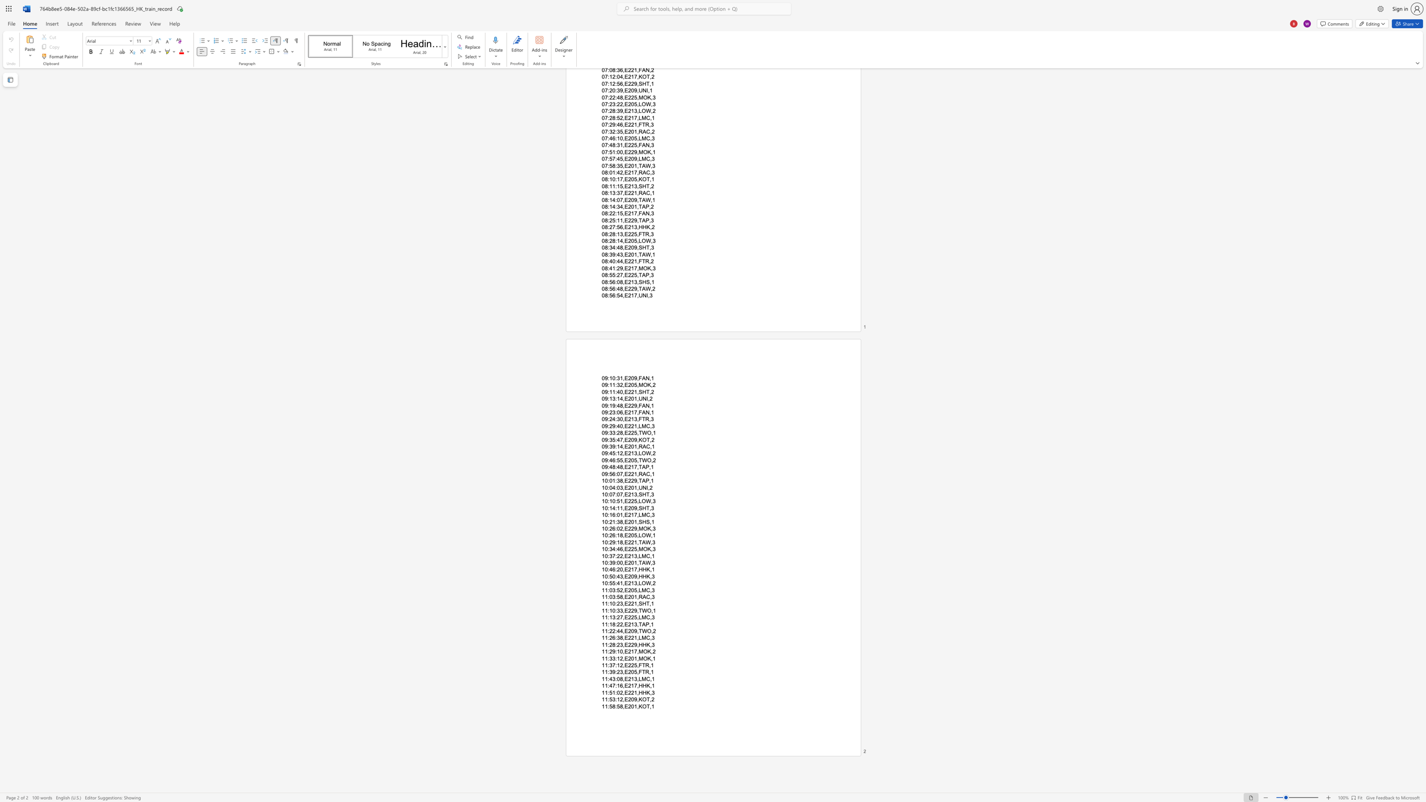  I want to click on the space between the continuous character "5" and "," in the text, so click(636, 672).